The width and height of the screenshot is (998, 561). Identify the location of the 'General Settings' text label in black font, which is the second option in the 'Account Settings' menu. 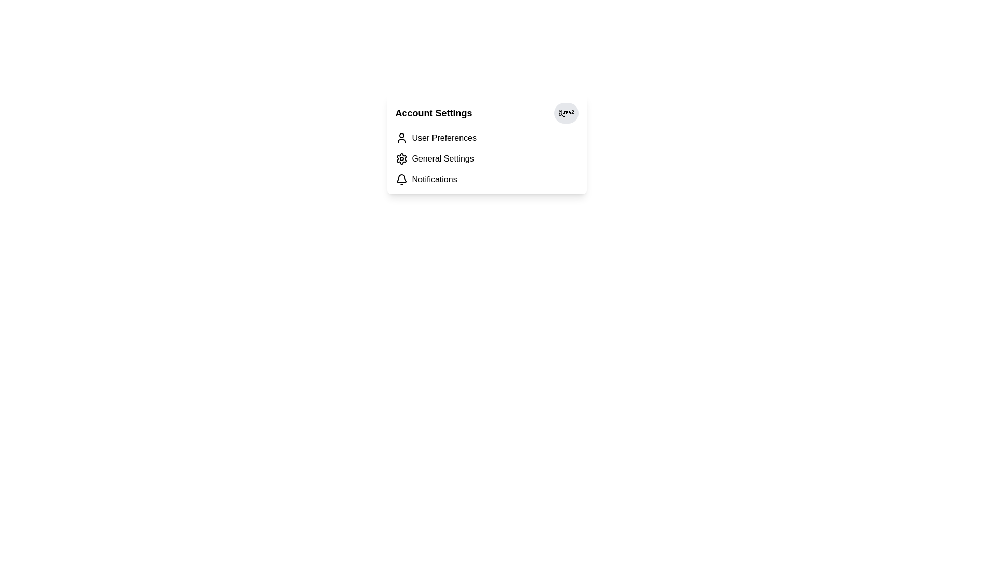
(443, 158).